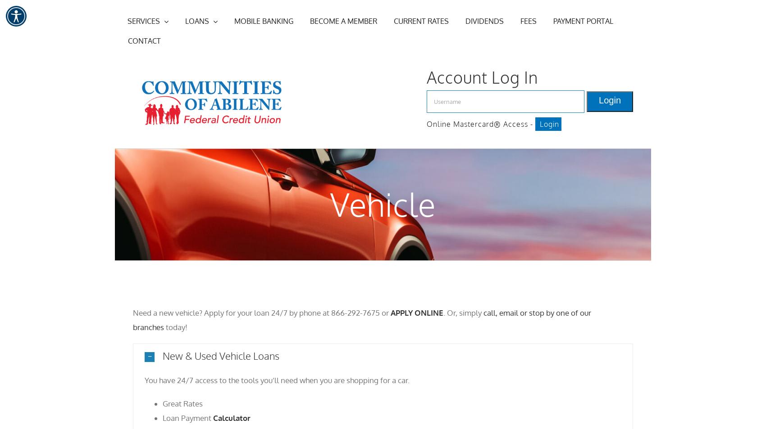 This screenshot has height=429, width=766. What do you see at coordinates (187, 417) in the screenshot?
I see `'Loan Payment'` at bounding box center [187, 417].